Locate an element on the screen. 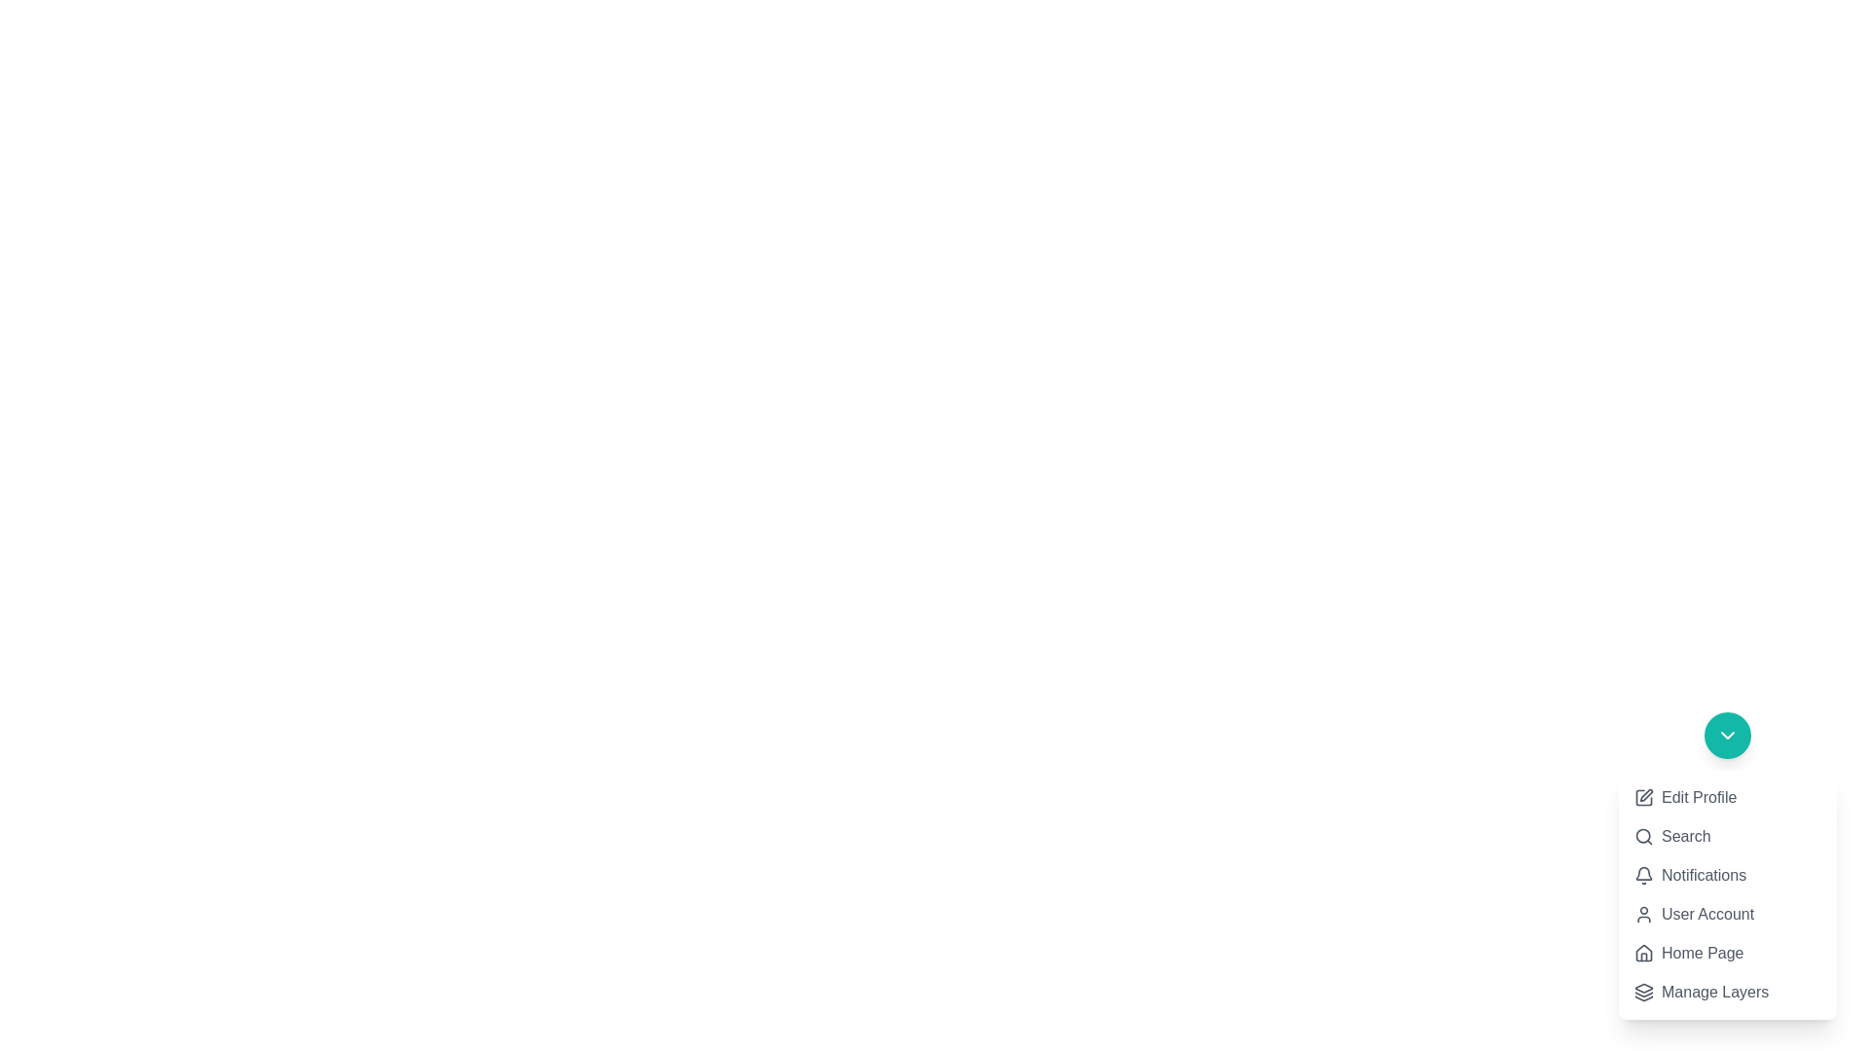  the pen icon located in the dropdown menu under the 'Edit Profile' option is located at coordinates (1645, 795).